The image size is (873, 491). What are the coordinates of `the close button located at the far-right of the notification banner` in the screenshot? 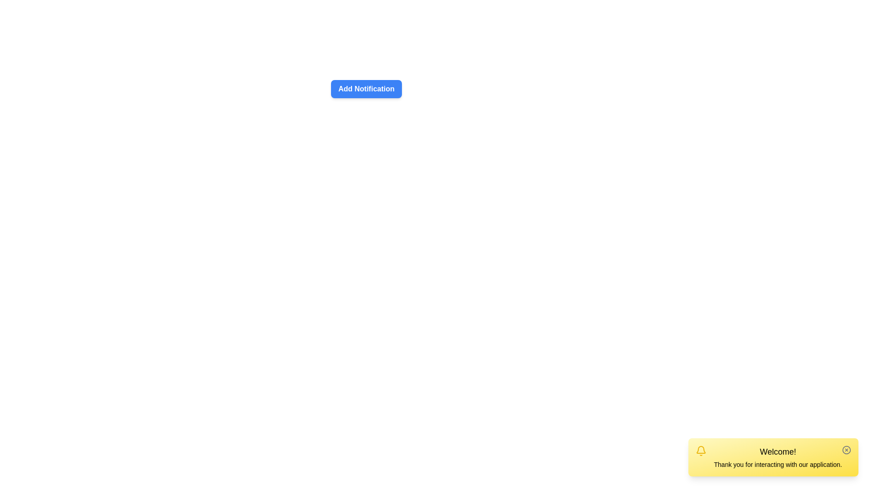 It's located at (846, 450).